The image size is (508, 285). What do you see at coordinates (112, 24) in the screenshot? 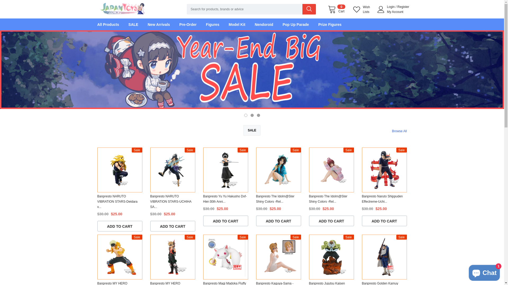
I see `'All Products'` at bounding box center [112, 24].